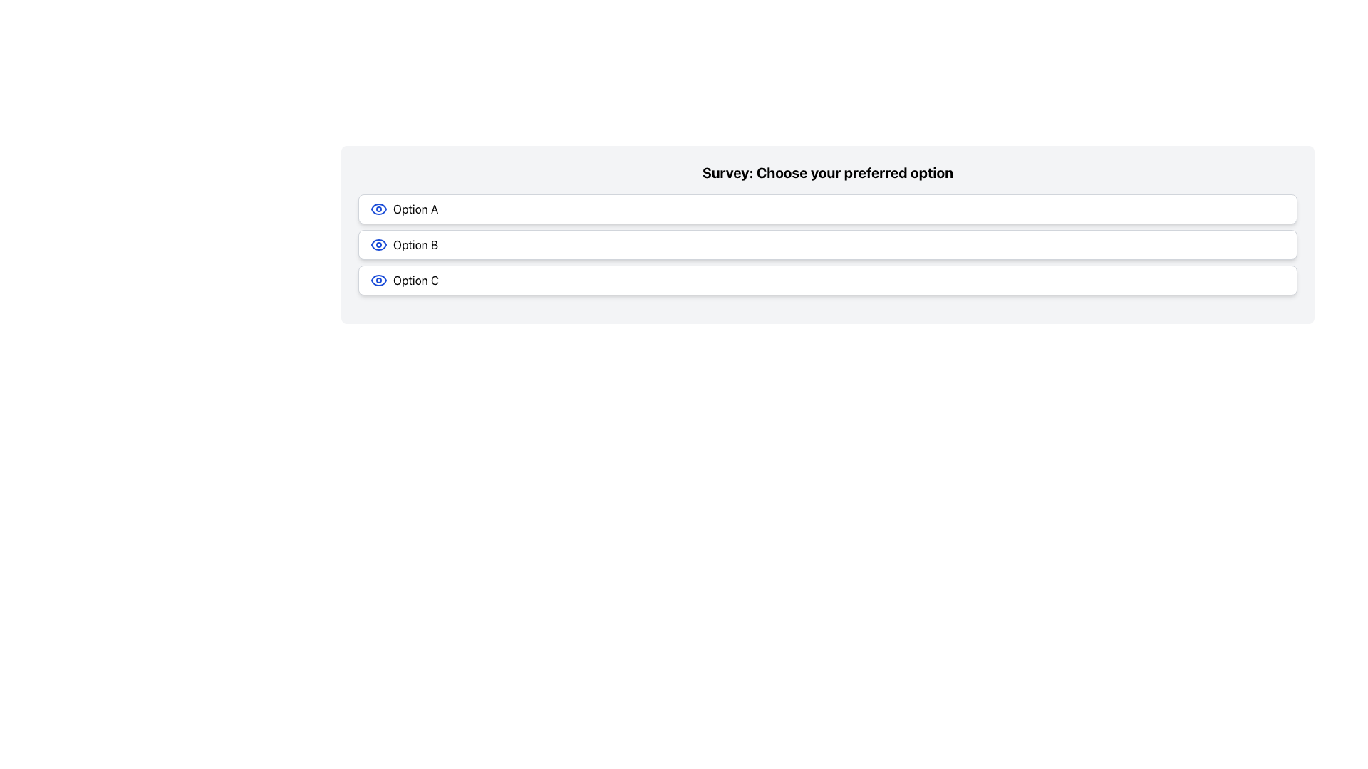 The image size is (1368, 769). I want to click on text content of the label describing 'Option C', which is located prominently in the lower third of the option group and positioned to the right of its associated icon, so click(415, 280).